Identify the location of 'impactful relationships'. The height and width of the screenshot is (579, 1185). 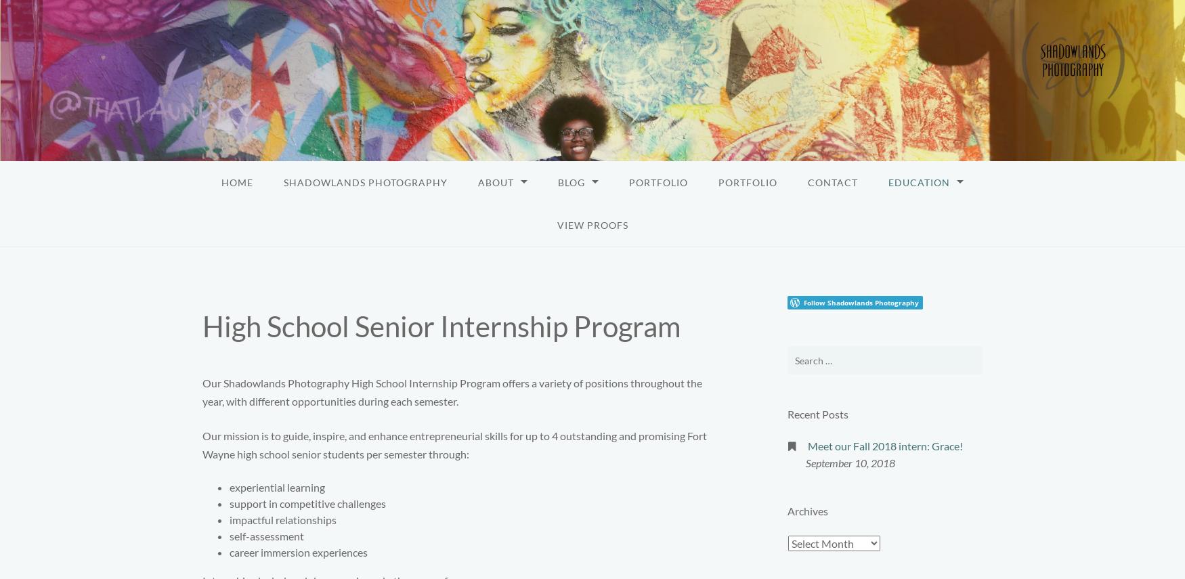
(229, 519).